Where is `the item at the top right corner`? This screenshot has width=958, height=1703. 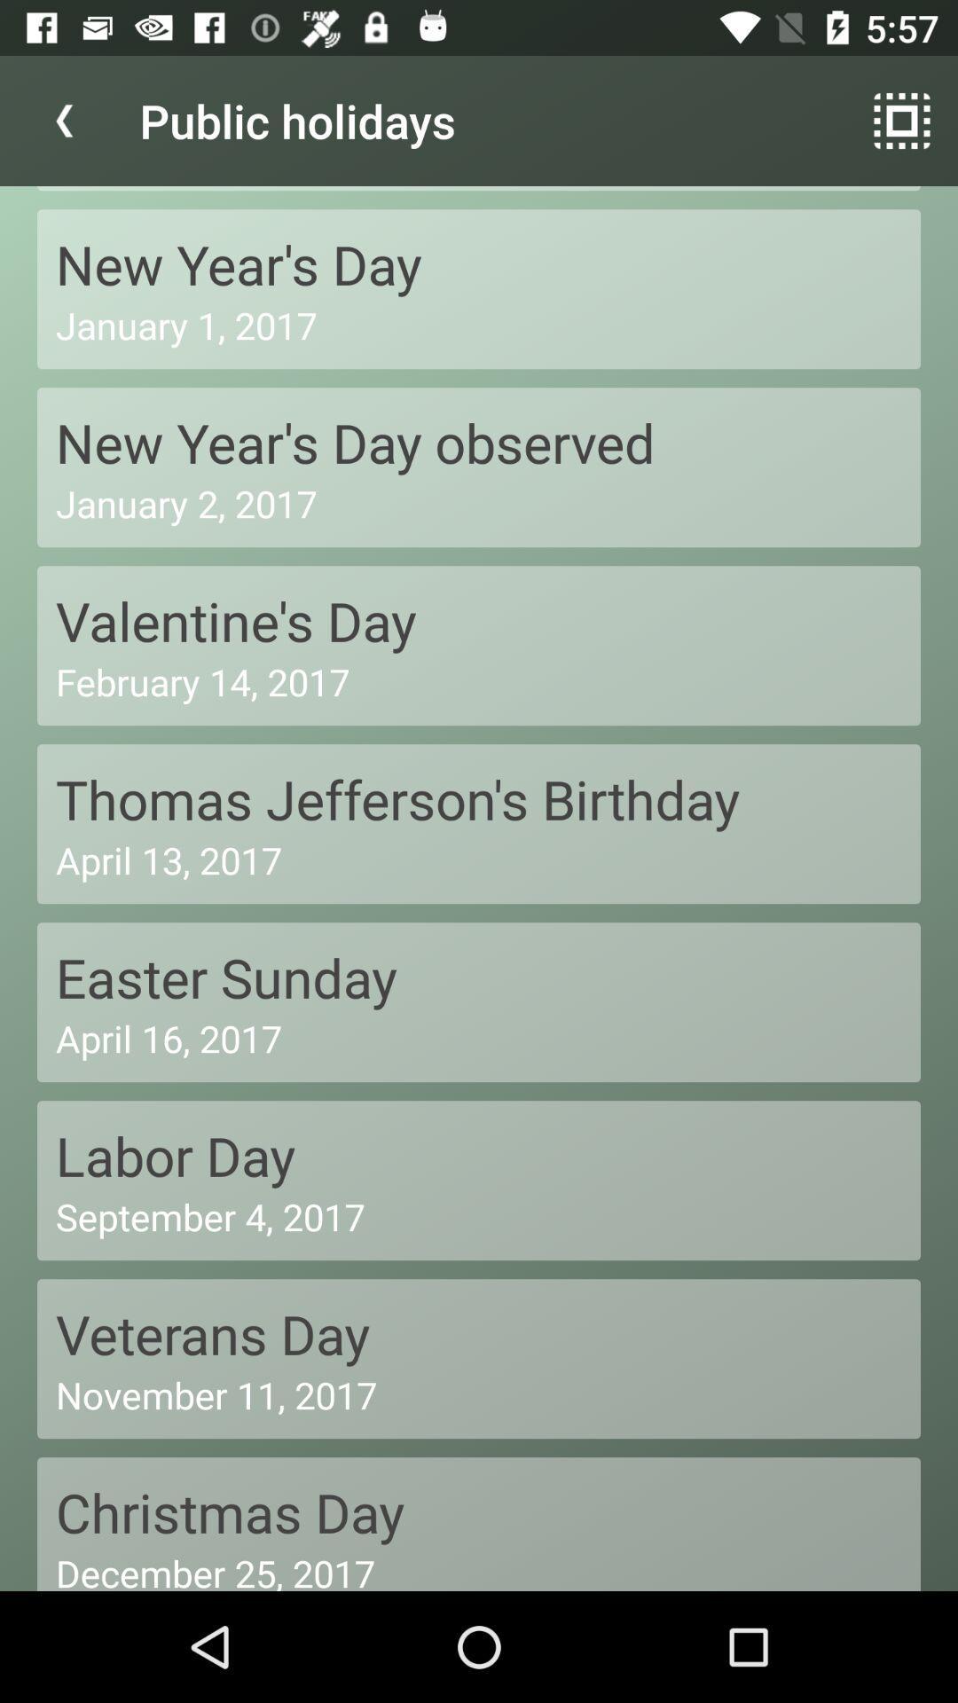
the item at the top right corner is located at coordinates (902, 120).